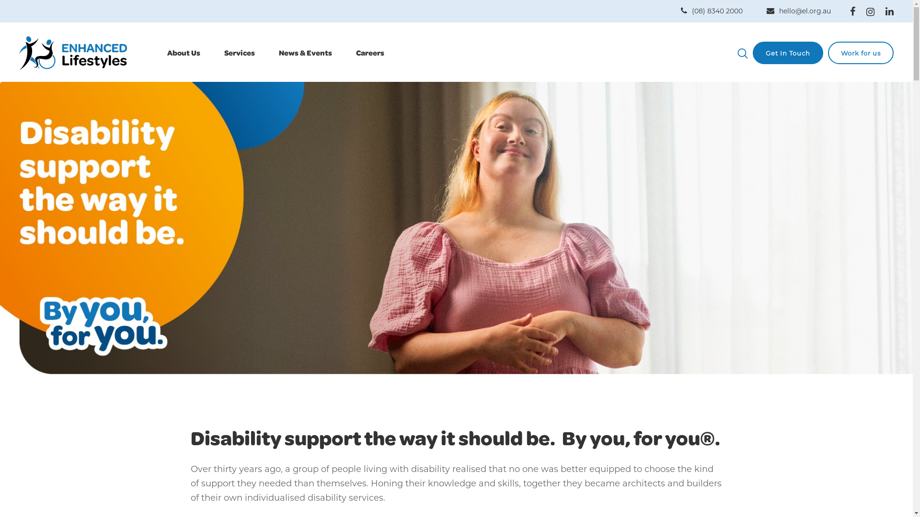 Image resolution: width=920 pixels, height=517 pixels. What do you see at coordinates (805, 11) in the screenshot?
I see `'hello@el.org.au'` at bounding box center [805, 11].